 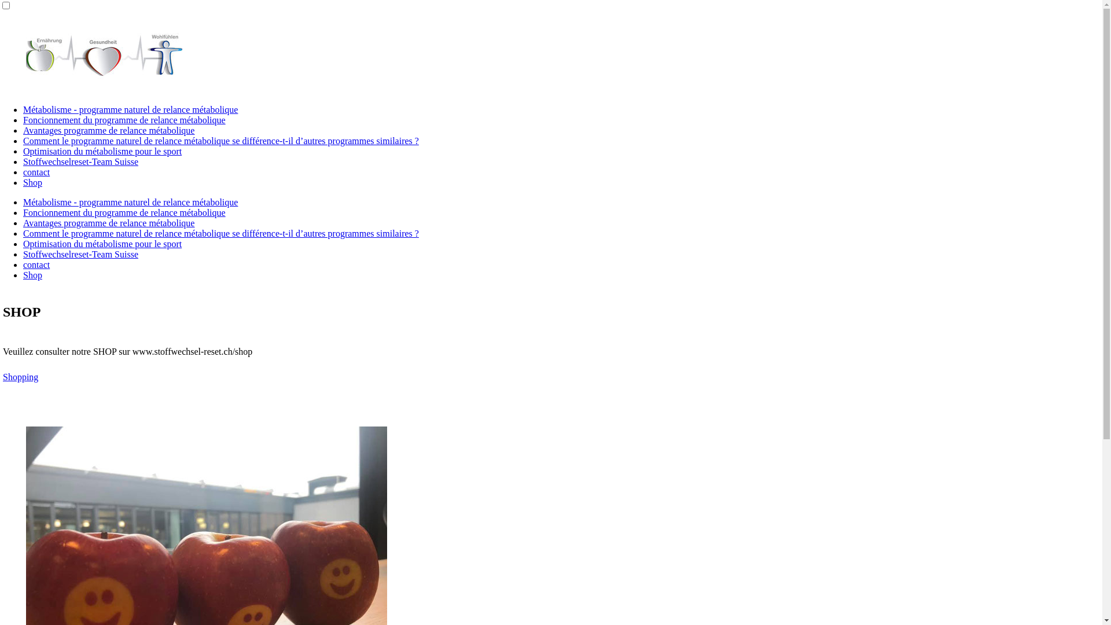 I want to click on 'Stoffwechselreset-Team Suisse', so click(x=80, y=161).